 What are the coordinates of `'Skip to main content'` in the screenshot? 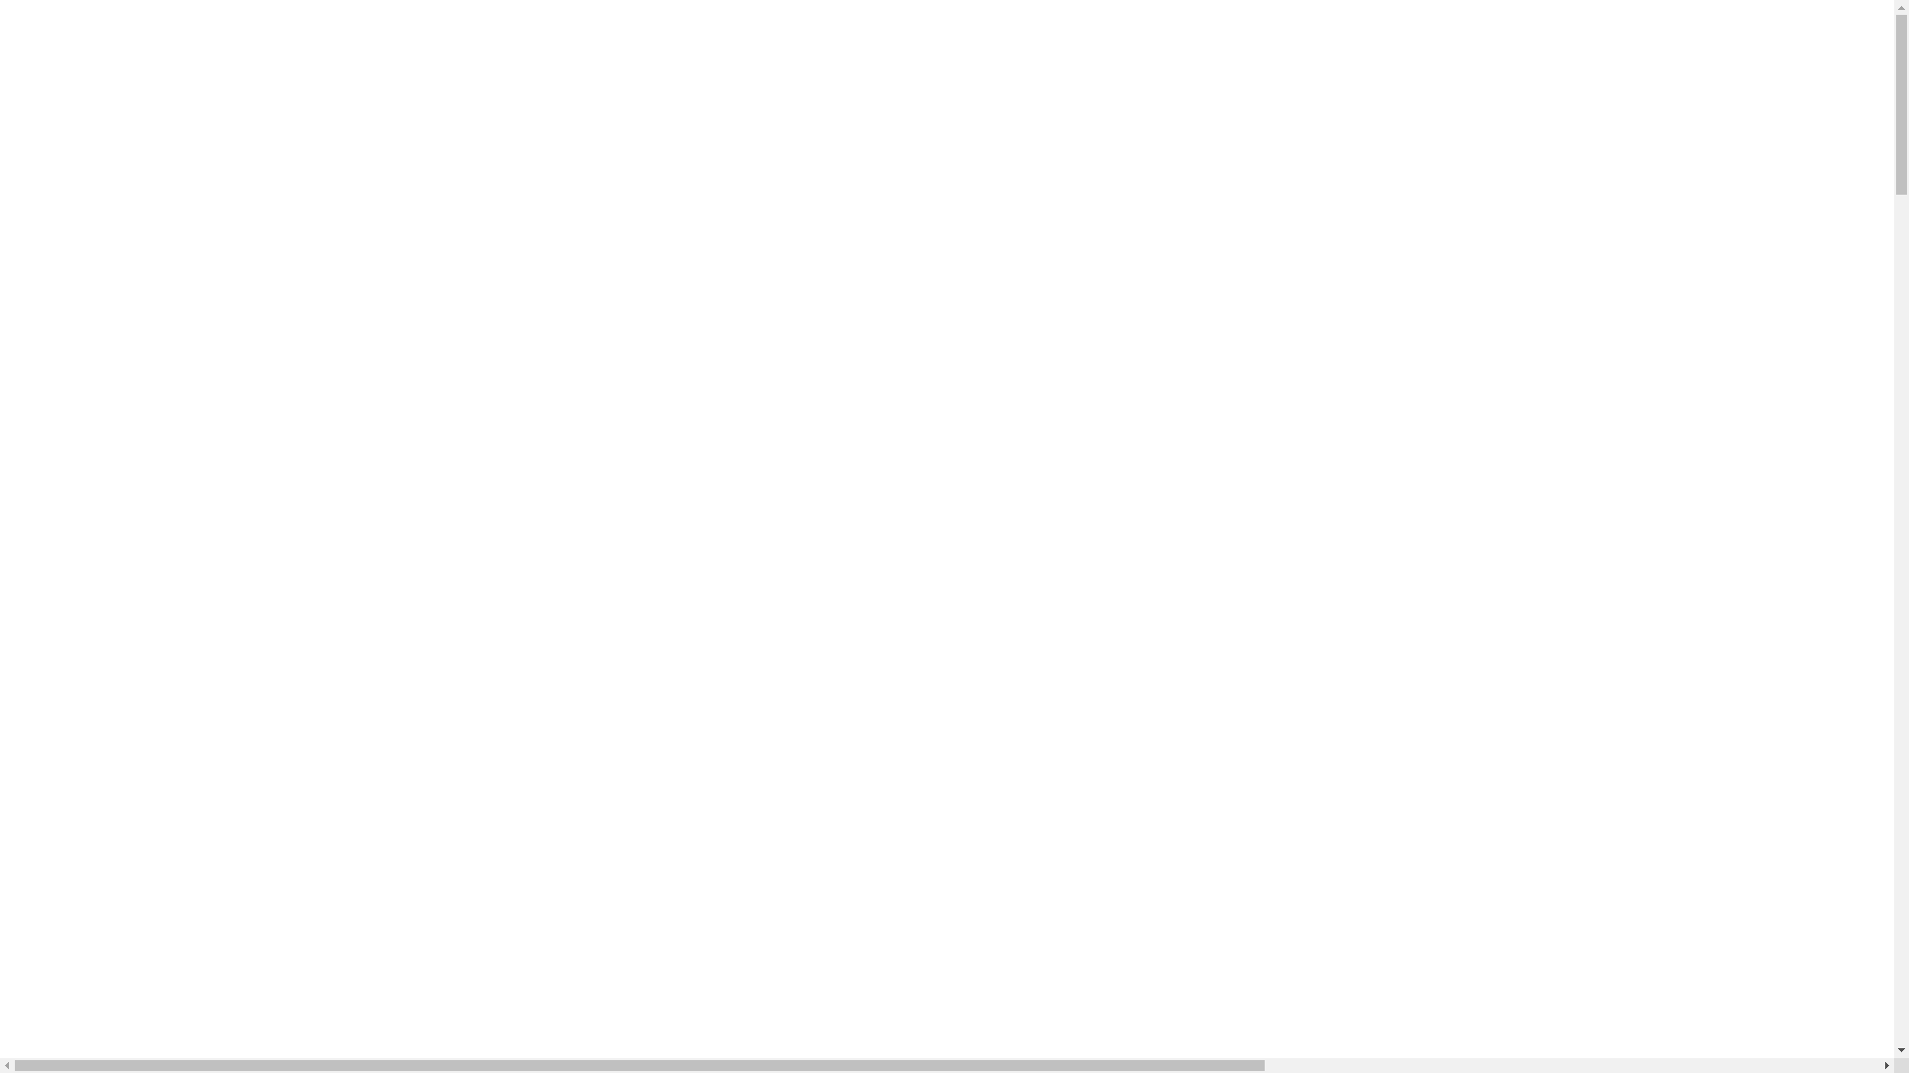 It's located at (6, 15).